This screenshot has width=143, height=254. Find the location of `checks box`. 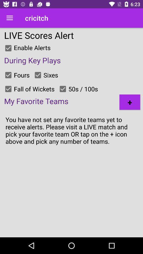

checks box is located at coordinates (8, 89).